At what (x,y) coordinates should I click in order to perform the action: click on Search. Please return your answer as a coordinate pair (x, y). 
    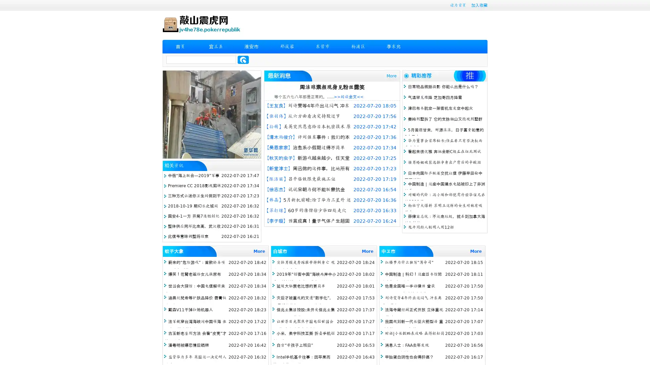
    Looking at the image, I should click on (243, 59).